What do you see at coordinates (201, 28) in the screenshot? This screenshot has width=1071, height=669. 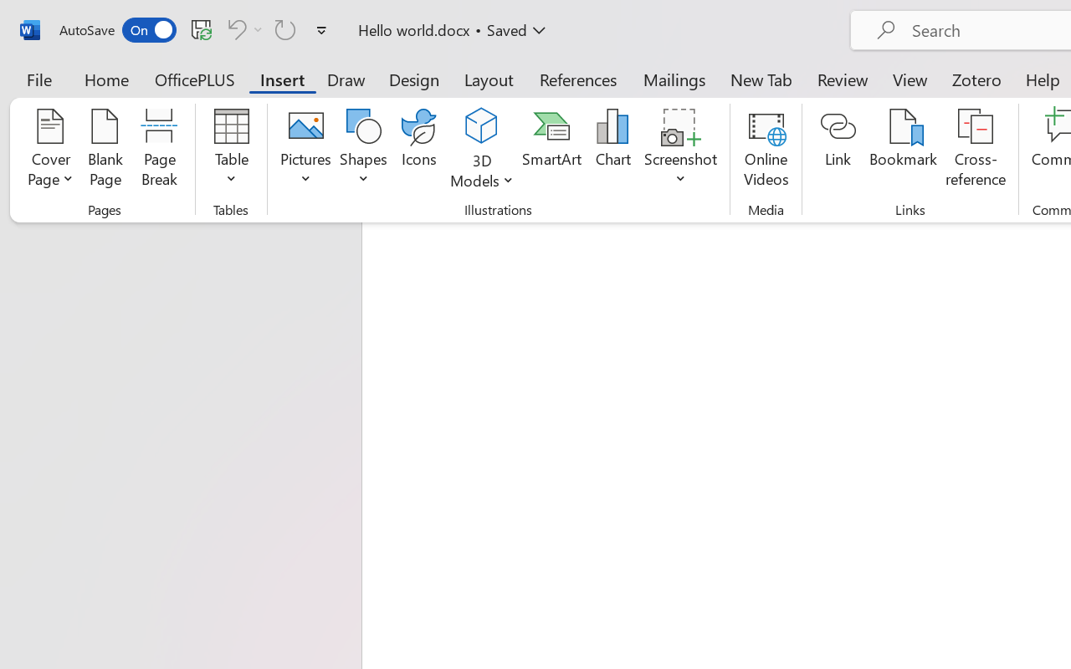 I see `'Save'` at bounding box center [201, 28].